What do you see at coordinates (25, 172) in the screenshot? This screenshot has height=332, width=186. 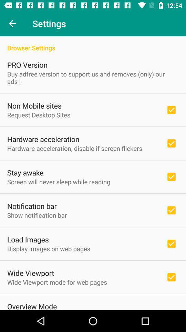 I see `the icon below the hardware acceleration disable icon` at bounding box center [25, 172].